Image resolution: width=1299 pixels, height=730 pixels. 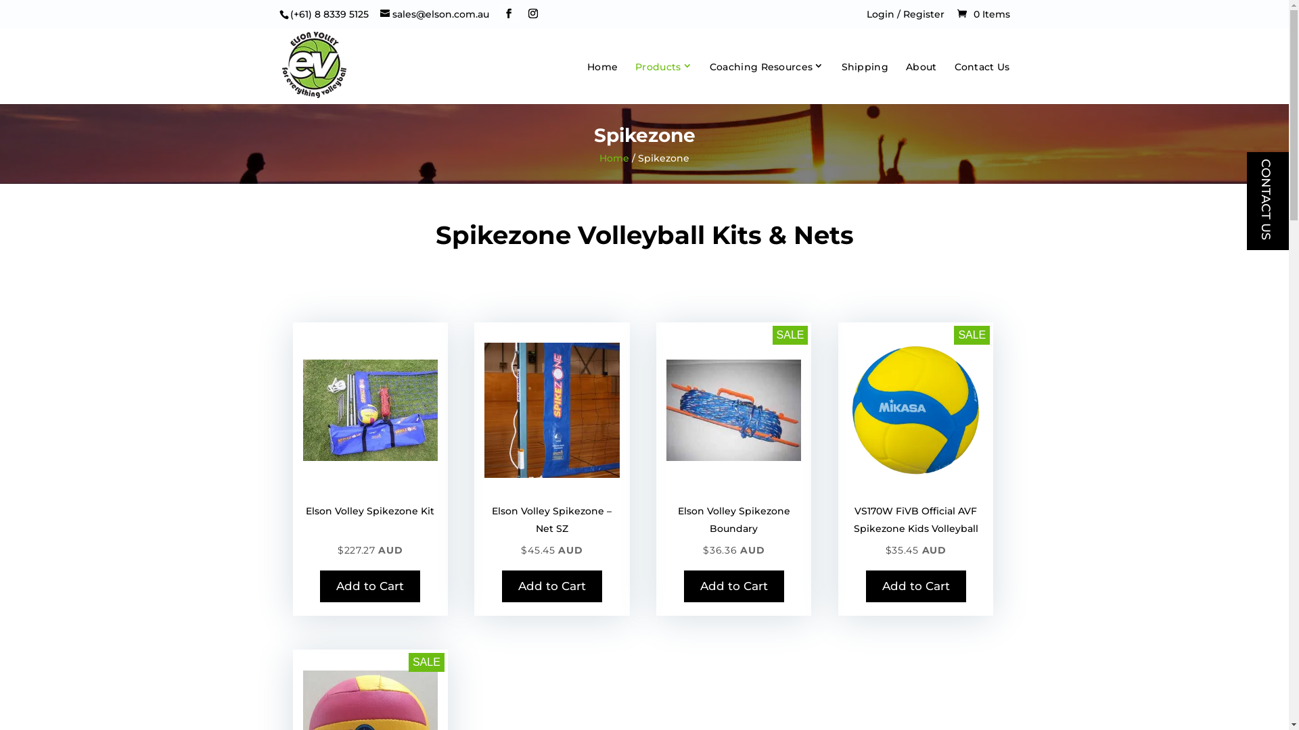 I want to click on 'Register', so click(x=922, y=14).